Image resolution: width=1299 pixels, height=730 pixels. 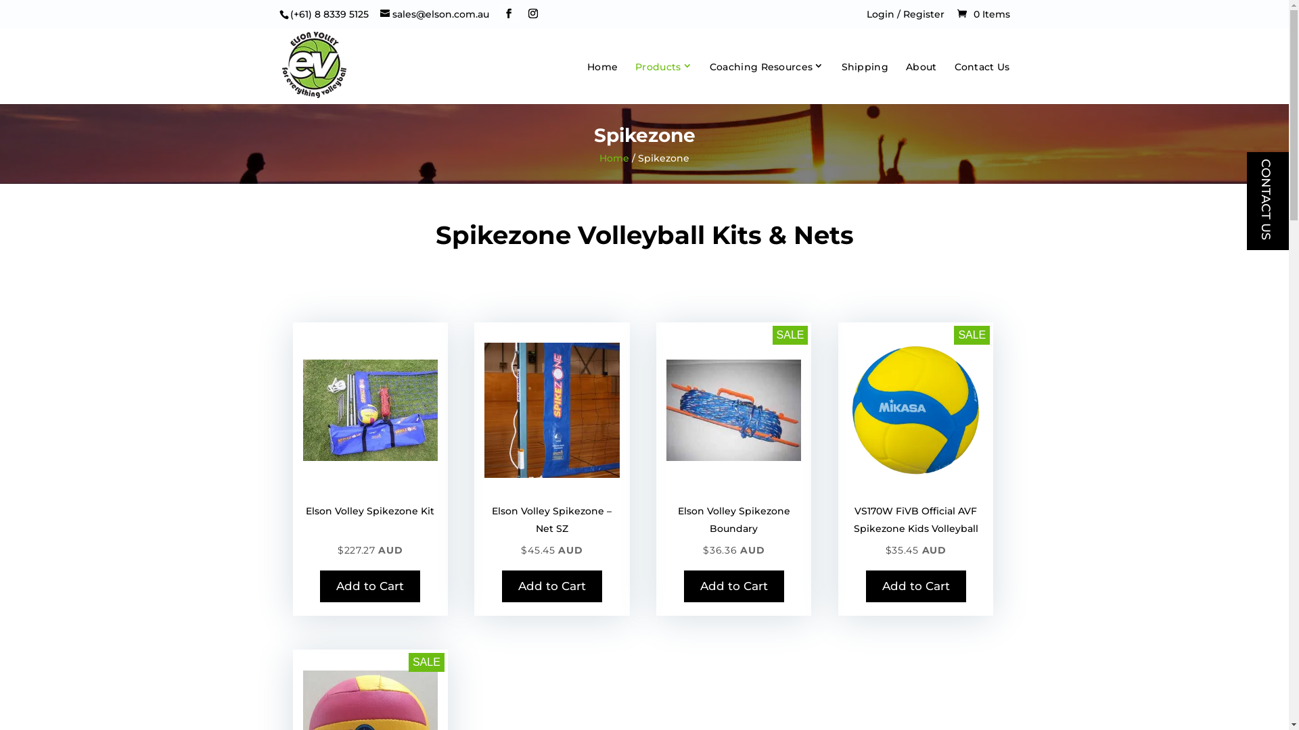 I want to click on 'Register', so click(x=922, y=14).